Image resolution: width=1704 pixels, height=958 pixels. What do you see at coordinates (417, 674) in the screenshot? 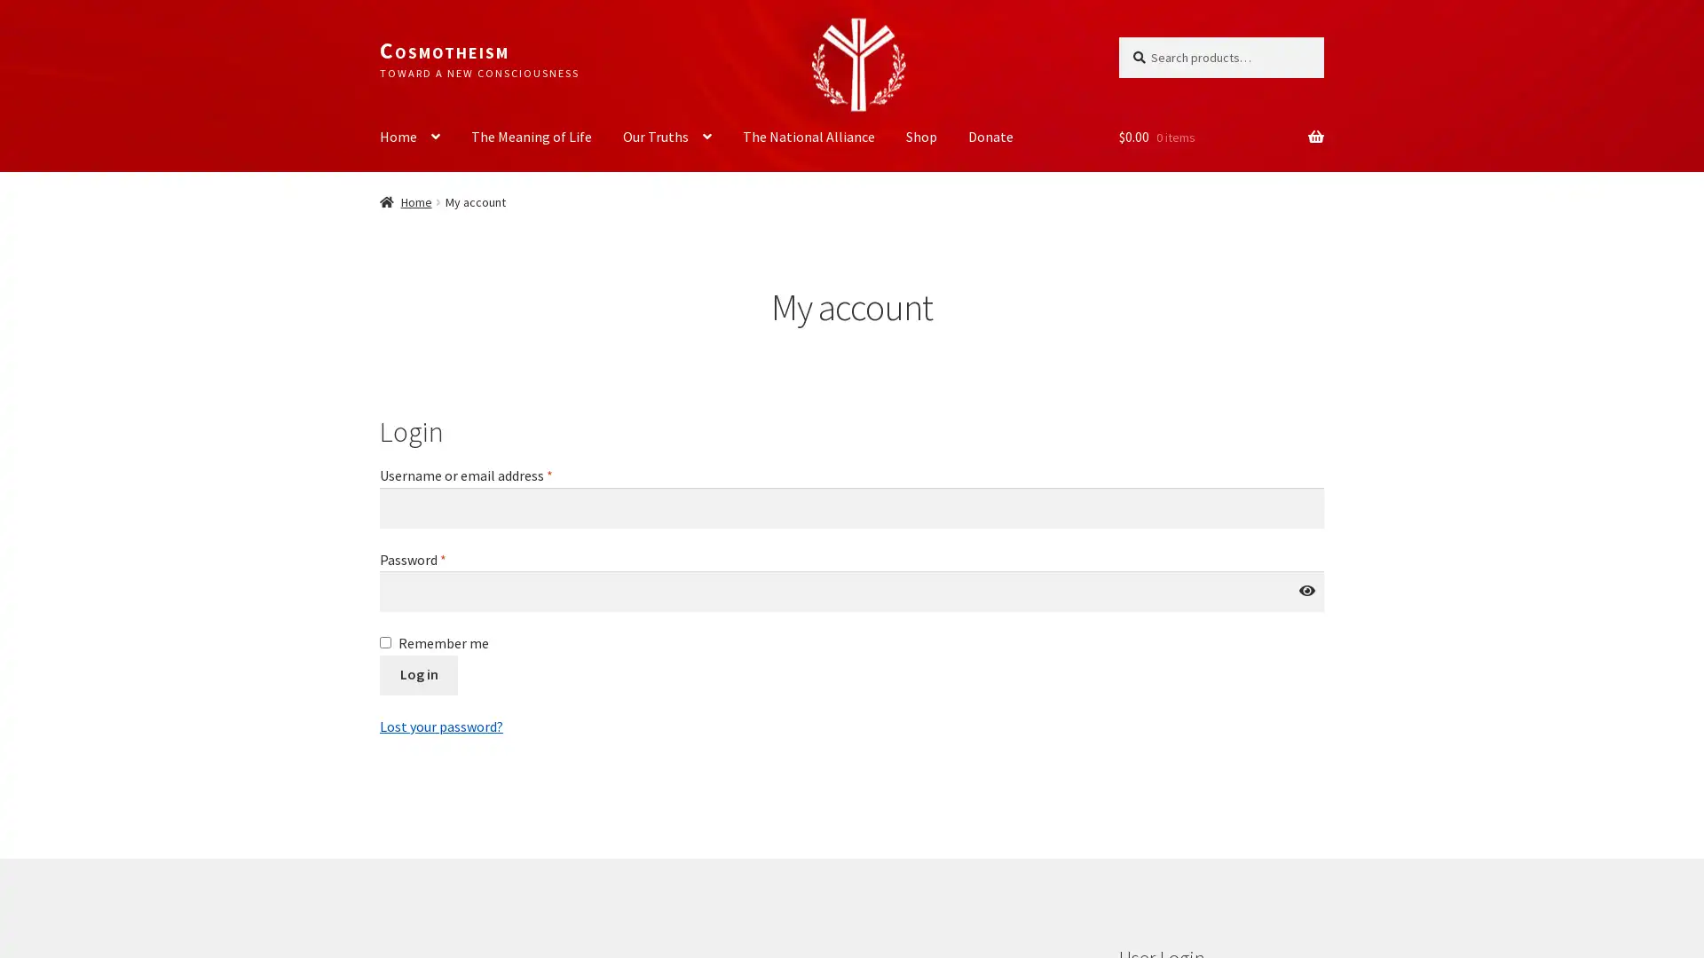
I see `Log in` at bounding box center [417, 674].